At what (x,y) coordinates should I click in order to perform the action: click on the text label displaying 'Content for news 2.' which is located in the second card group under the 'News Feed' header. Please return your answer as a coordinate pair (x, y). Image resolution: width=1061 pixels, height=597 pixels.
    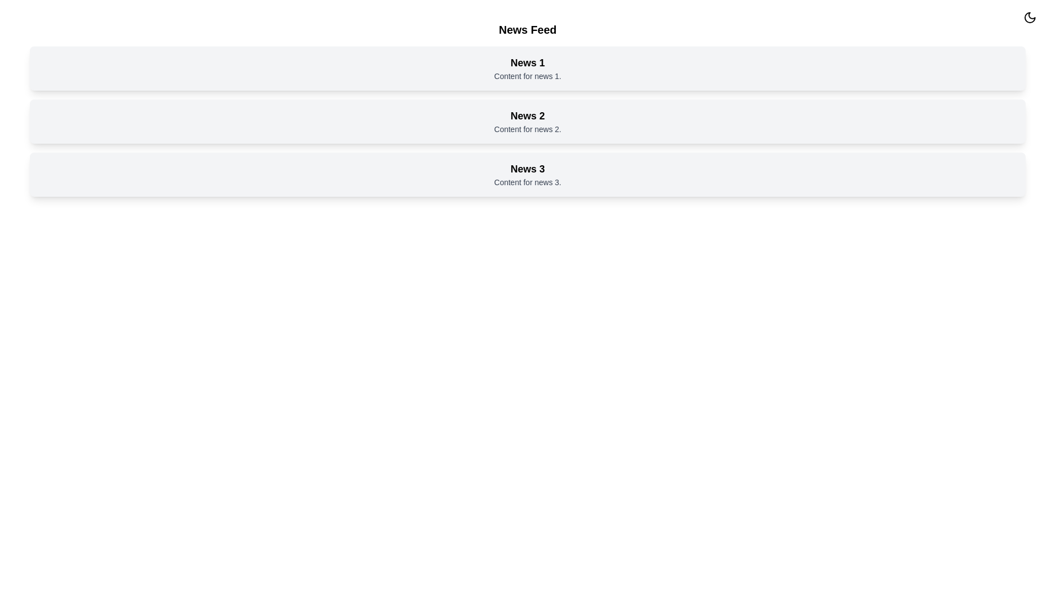
    Looking at the image, I should click on (527, 129).